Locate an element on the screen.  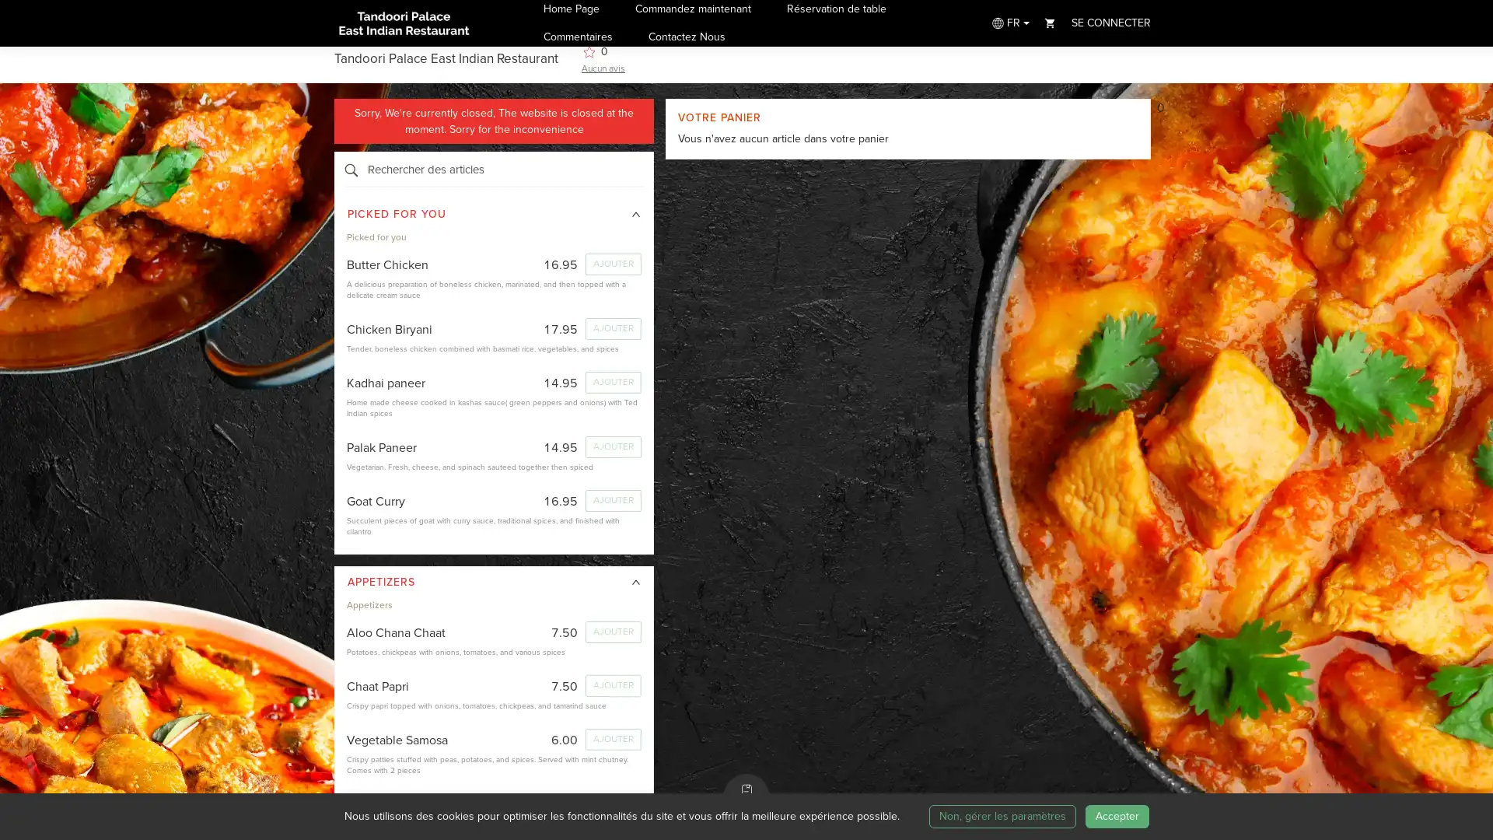
Non, gerer les parametres is located at coordinates (1002, 815).